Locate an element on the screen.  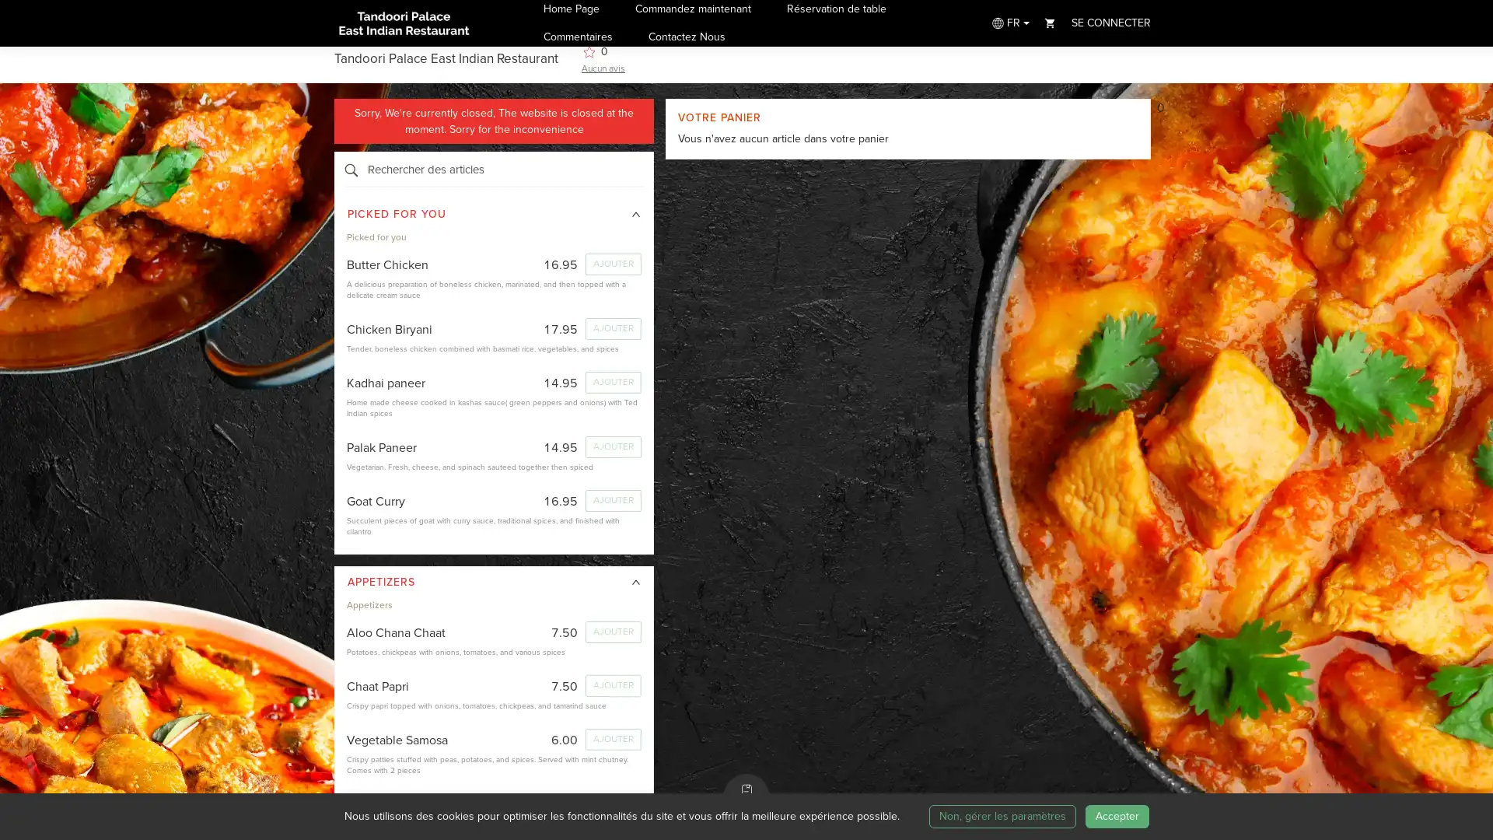
Non, gerer les parametres is located at coordinates (1002, 815).